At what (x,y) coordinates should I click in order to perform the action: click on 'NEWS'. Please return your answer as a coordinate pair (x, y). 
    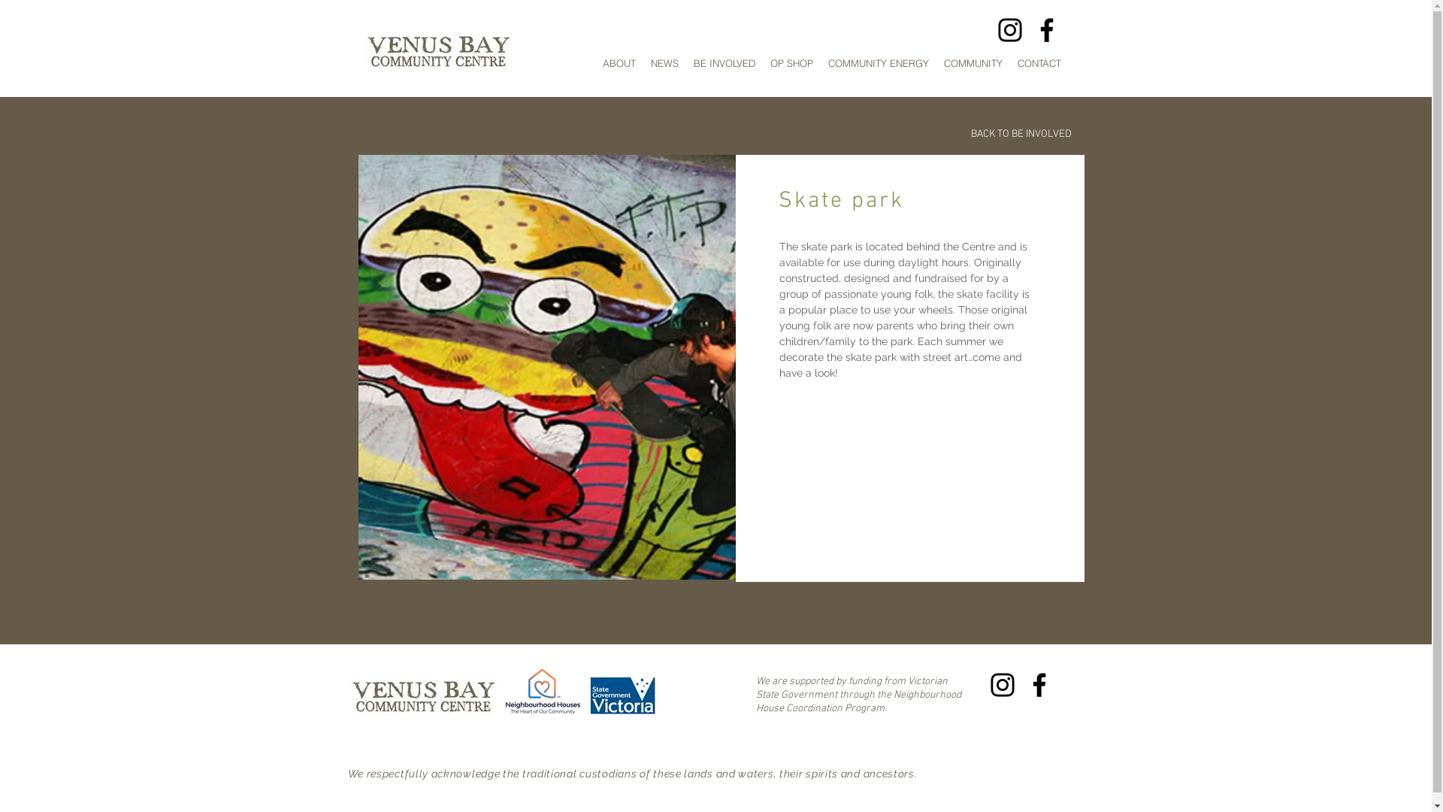
    Looking at the image, I should click on (664, 62).